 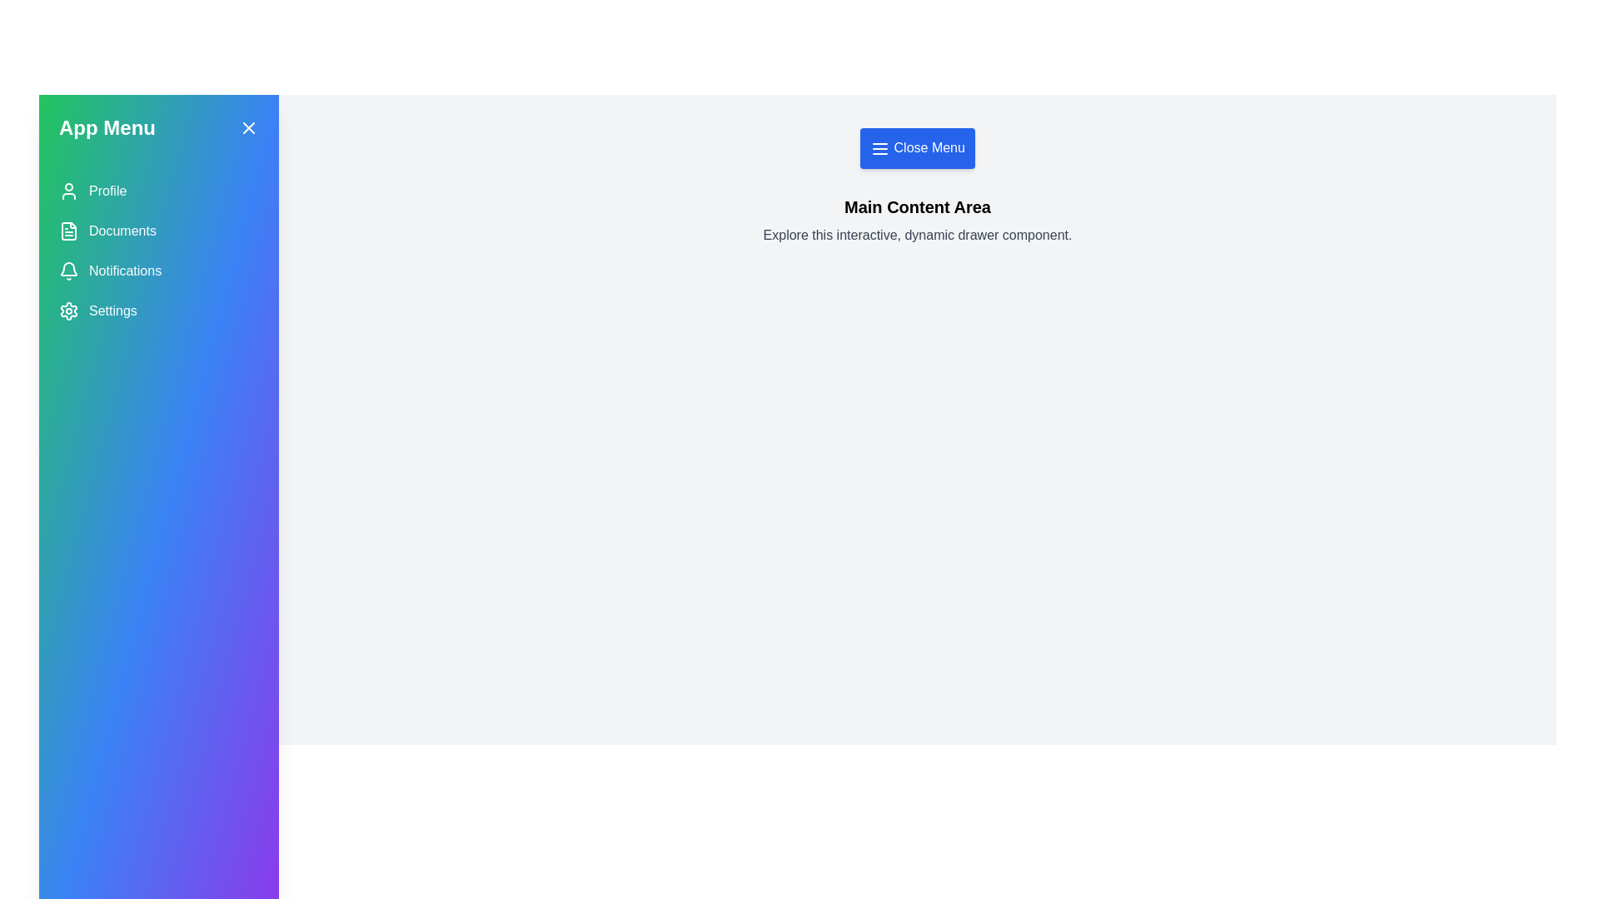 I want to click on the close button (X) in the drawer to close it, so click(x=247, y=127).